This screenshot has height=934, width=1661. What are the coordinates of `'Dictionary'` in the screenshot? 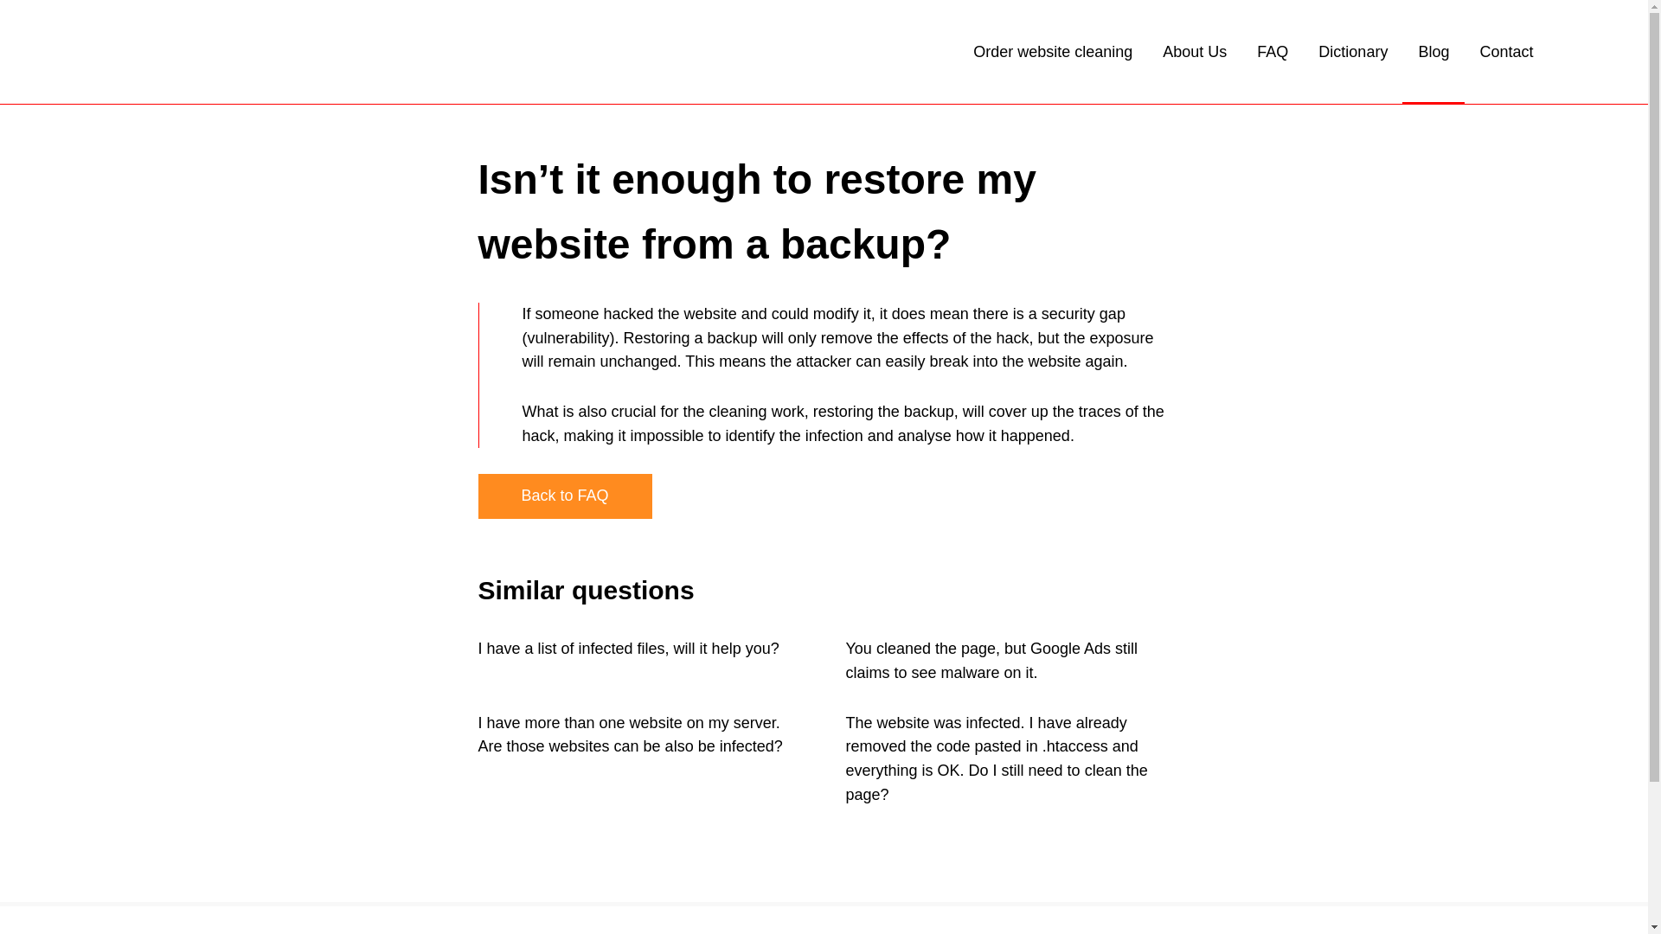 It's located at (1352, 51).